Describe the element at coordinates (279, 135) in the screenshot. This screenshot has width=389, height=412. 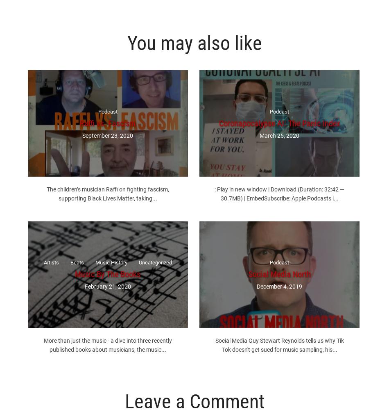
I see `'March 25, 2020'` at that location.